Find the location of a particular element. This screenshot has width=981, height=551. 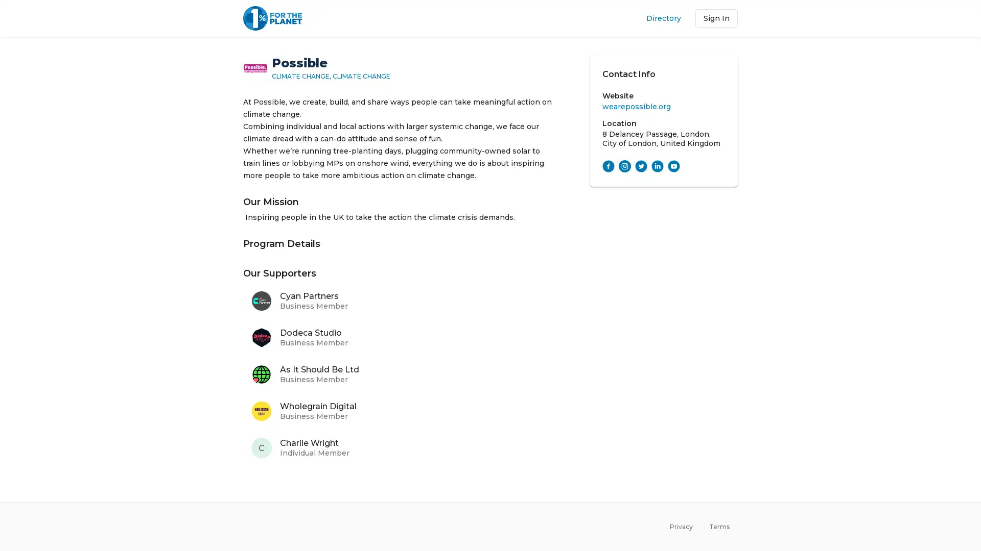

Sign In is located at coordinates (716, 18).